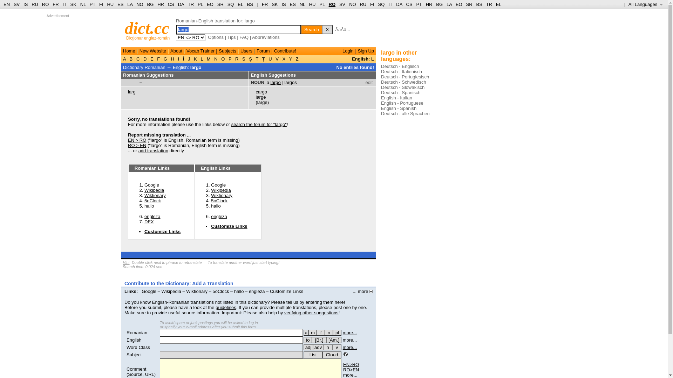  Describe the element at coordinates (380, 87) in the screenshot. I see `'Deutsch - Slowakisch'` at that location.